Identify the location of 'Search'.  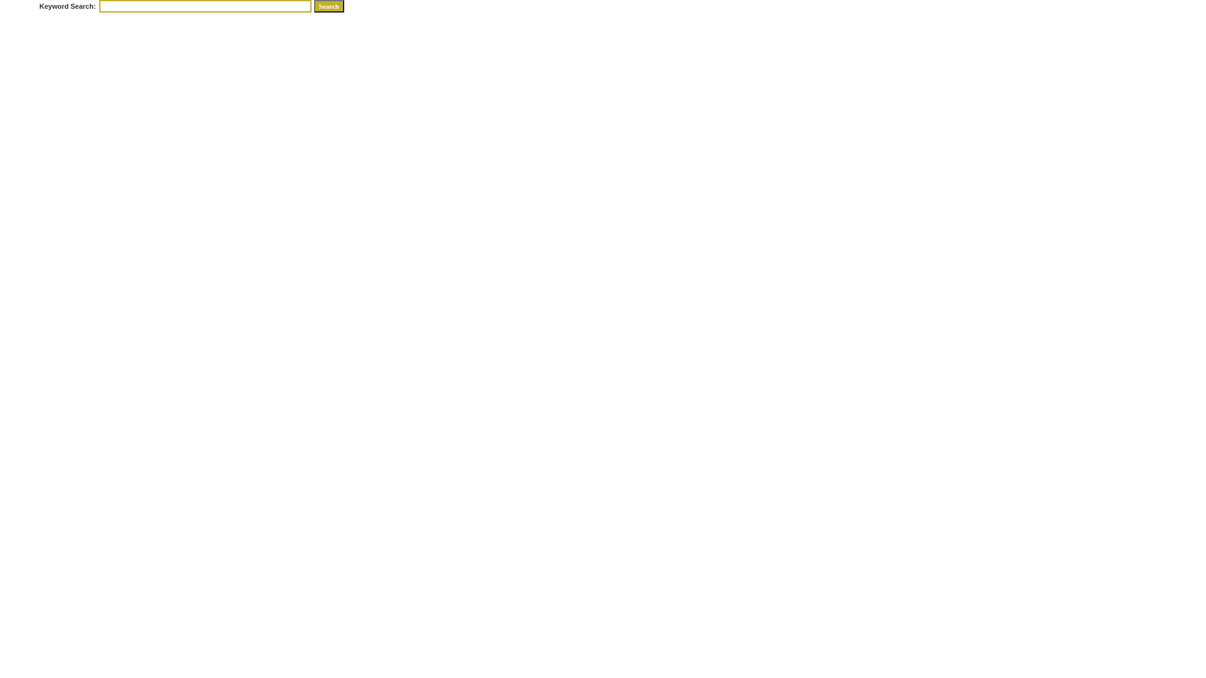
(329, 6).